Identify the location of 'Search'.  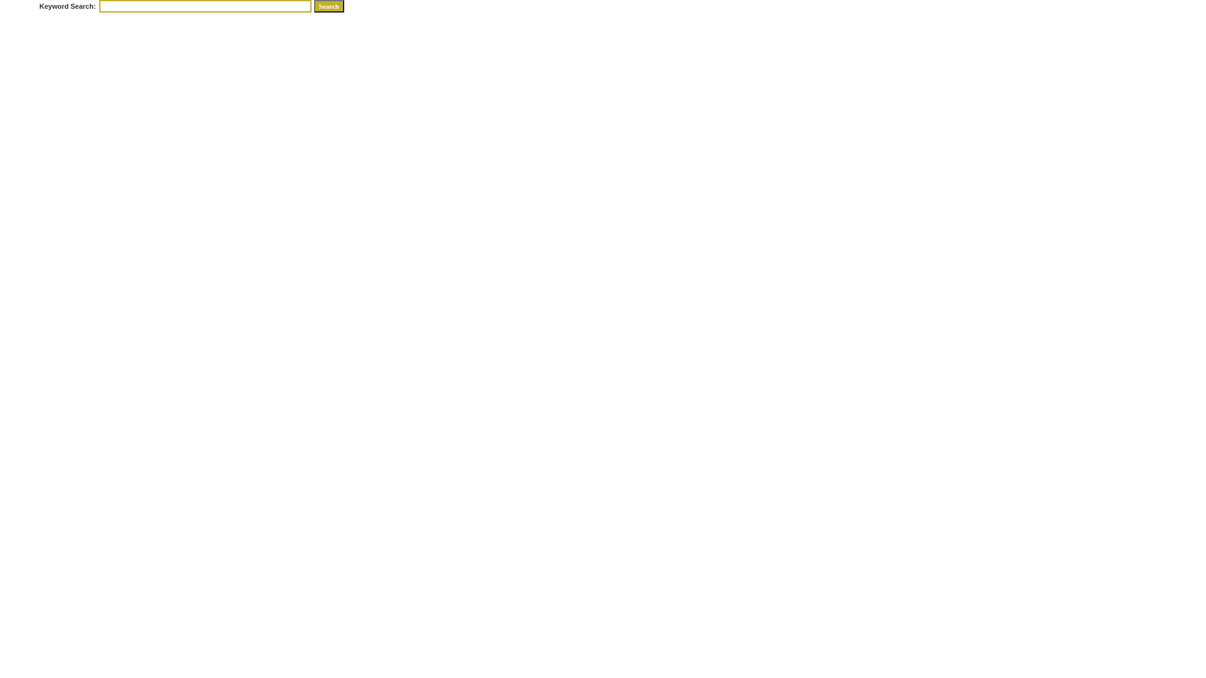
(329, 6).